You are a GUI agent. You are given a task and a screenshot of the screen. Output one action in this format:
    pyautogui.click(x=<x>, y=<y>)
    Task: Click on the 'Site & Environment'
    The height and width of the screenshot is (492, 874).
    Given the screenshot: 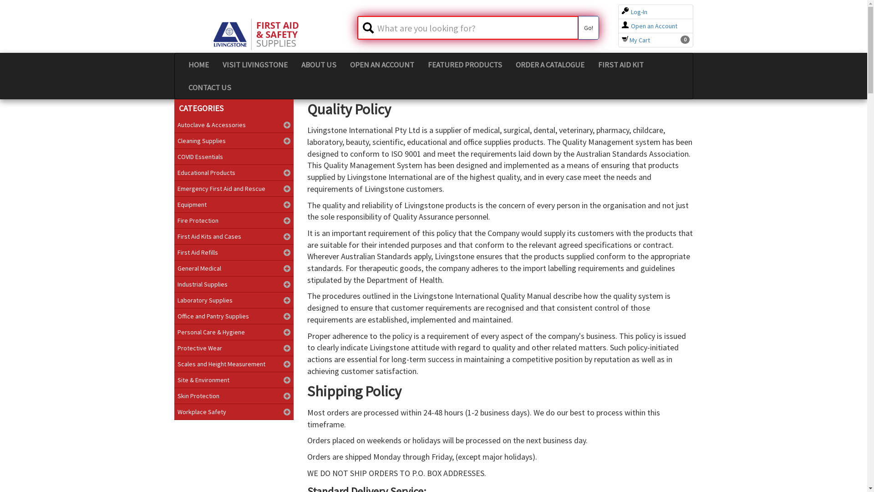 What is the action you would take?
    pyautogui.click(x=234, y=379)
    